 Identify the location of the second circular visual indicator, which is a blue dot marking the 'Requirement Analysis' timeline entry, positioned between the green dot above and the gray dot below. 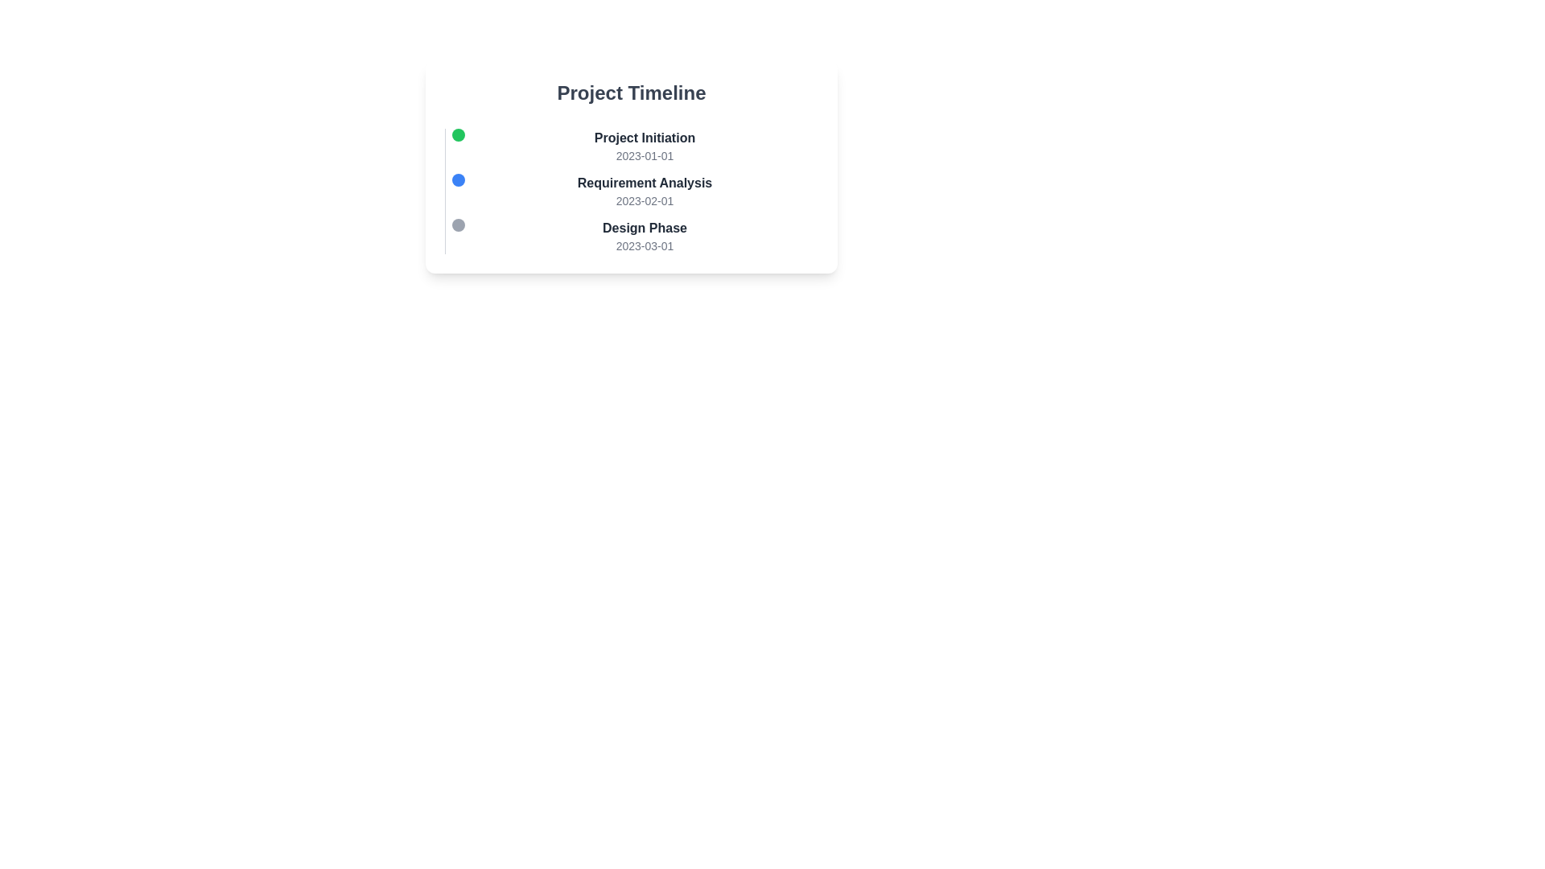
(458, 179).